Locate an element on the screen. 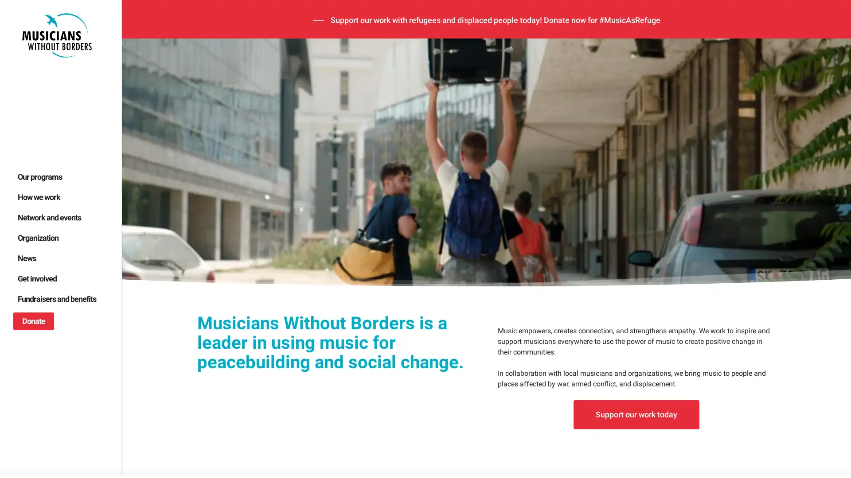  show more media controls is located at coordinates (829, 351).